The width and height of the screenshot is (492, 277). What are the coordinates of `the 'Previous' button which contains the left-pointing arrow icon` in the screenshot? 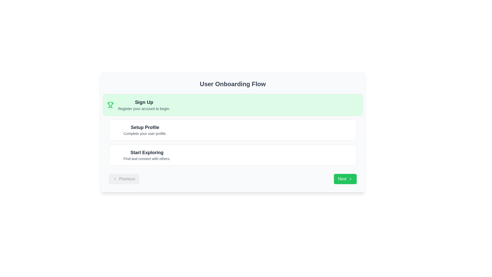 It's located at (115, 179).